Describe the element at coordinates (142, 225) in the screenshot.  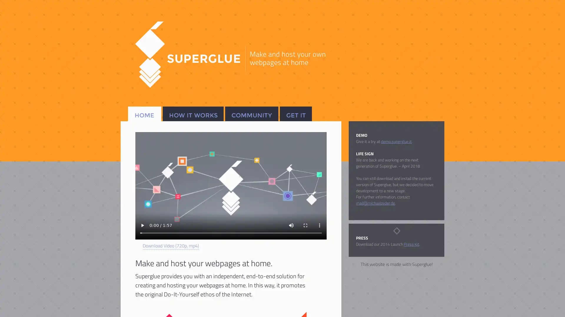
I see `play` at that location.